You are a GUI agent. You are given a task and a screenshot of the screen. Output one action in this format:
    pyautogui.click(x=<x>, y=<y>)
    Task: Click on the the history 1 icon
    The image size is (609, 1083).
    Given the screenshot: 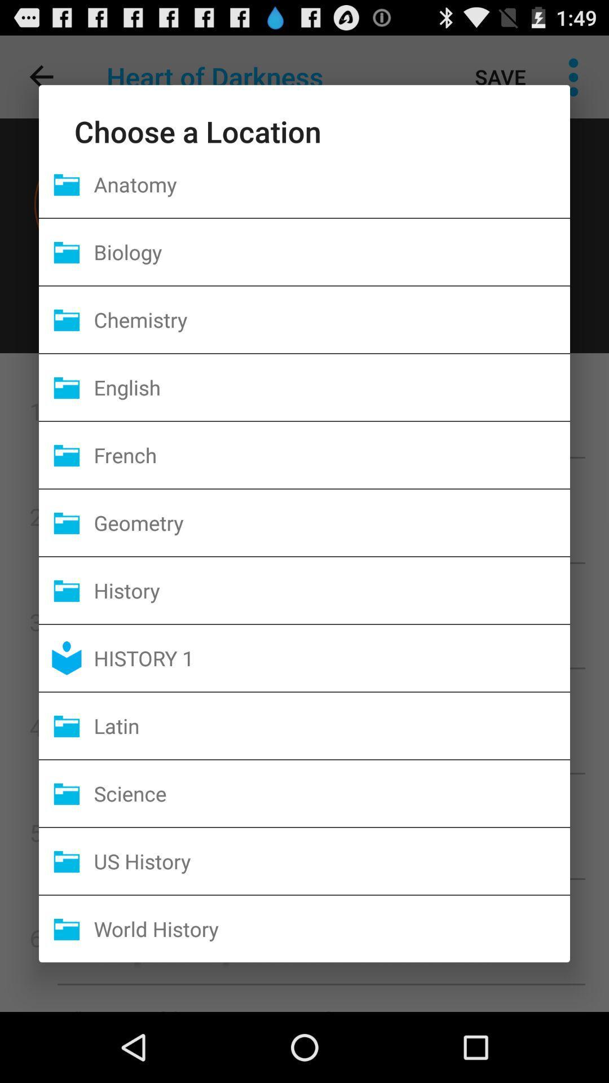 What is the action you would take?
    pyautogui.click(x=331, y=658)
    